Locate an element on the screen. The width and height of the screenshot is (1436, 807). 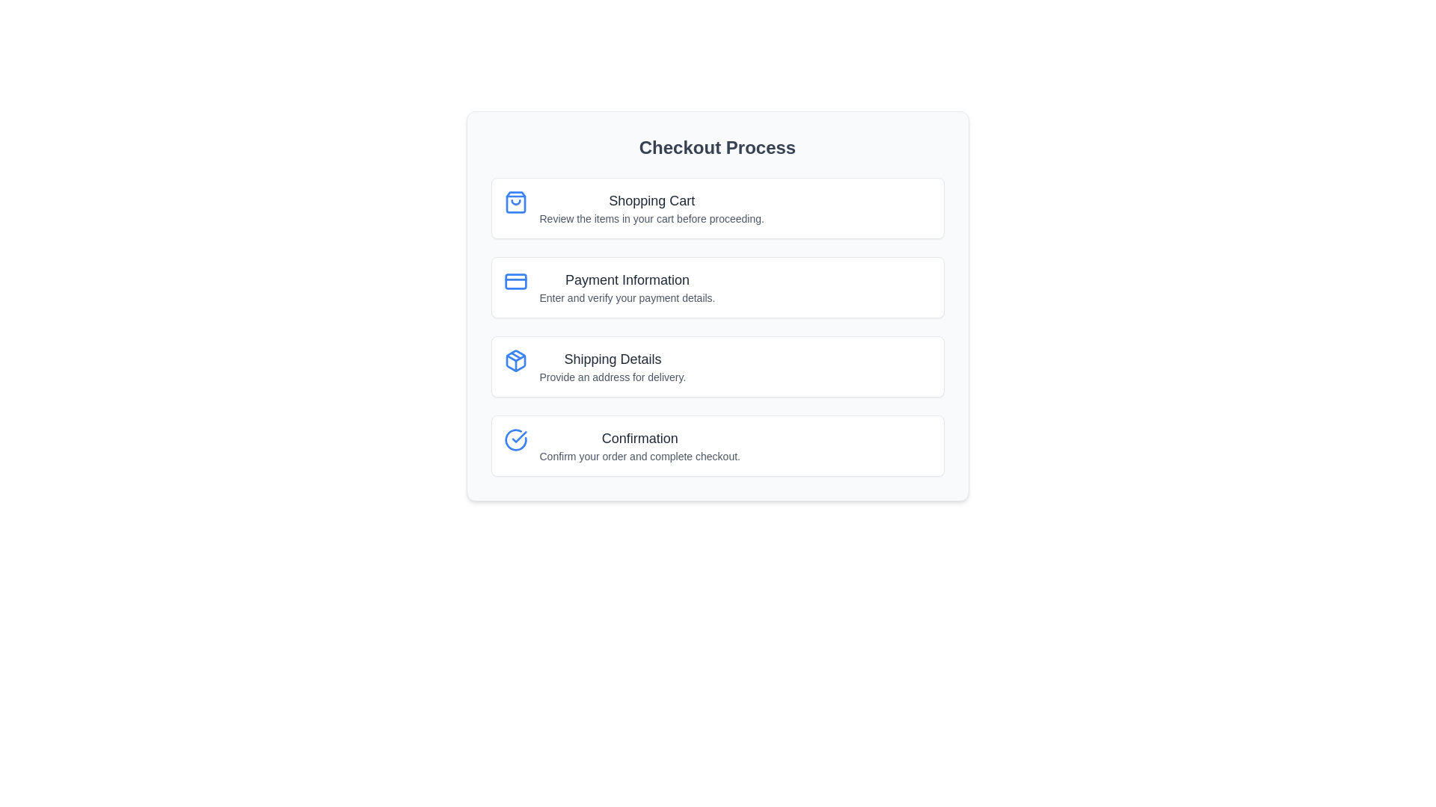
the static text label displaying the message 'Provide an address for delivery.' located below the 'Shipping Details' title in the checkout process is located at coordinates (613, 377).